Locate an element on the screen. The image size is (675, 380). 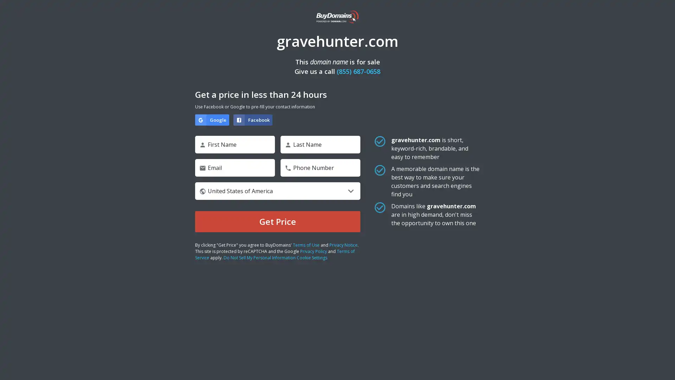
Got It is located at coordinates (71, 334).